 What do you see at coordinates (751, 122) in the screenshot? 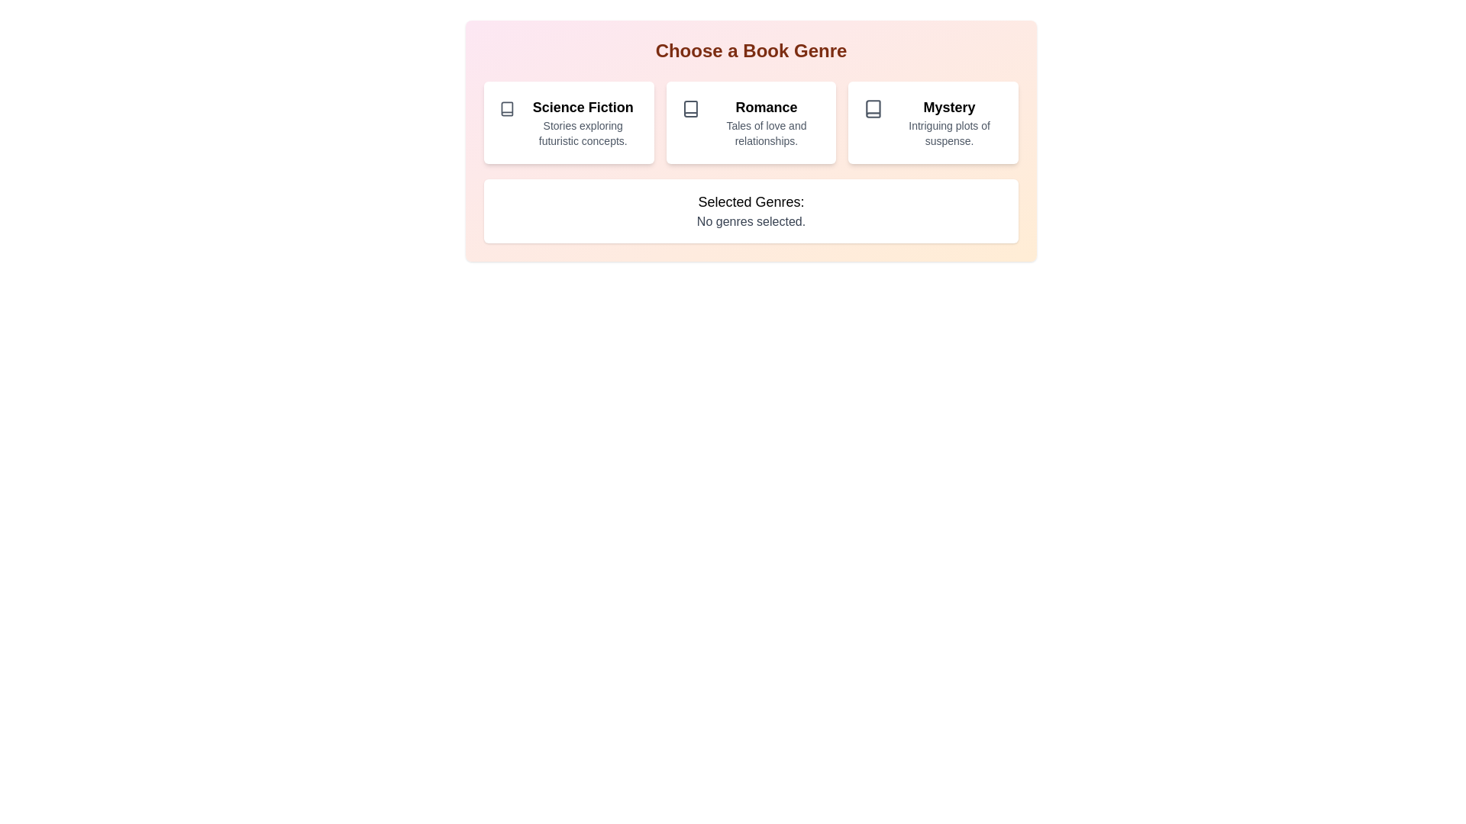
I see `the 'Romance' genre selectable card in the genre selection menu` at bounding box center [751, 122].